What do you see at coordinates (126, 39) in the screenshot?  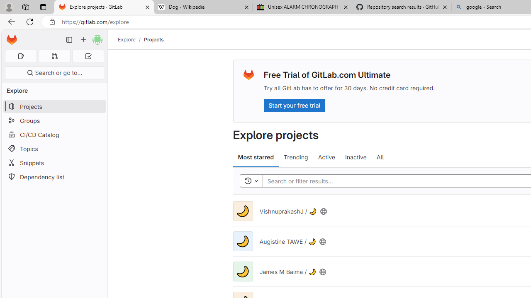 I see `'Explore'` at bounding box center [126, 39].